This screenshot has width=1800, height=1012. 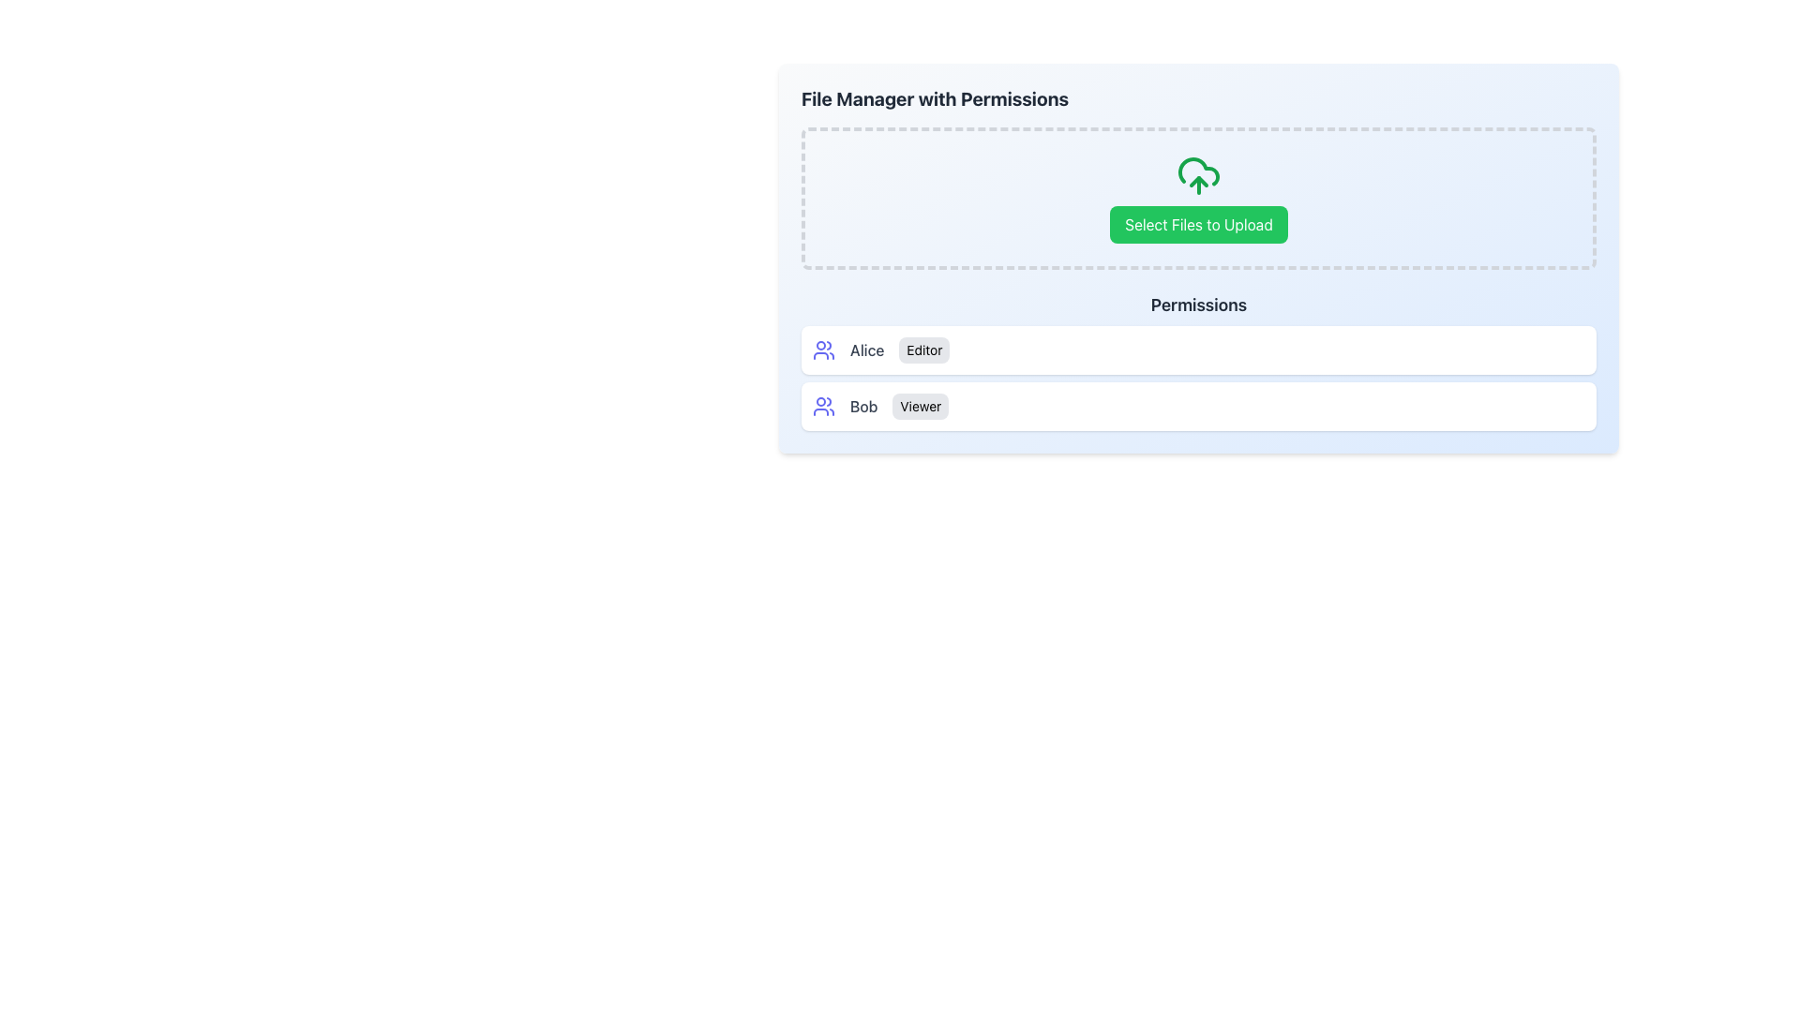 What do you see at coordinates (921, 406) in the screenshot?
I see `the static text label 'Viewer' with a light gray background and rounded corners, which is located in the permissions panel under the name 'Bob'` at bounding box center [921, 406].